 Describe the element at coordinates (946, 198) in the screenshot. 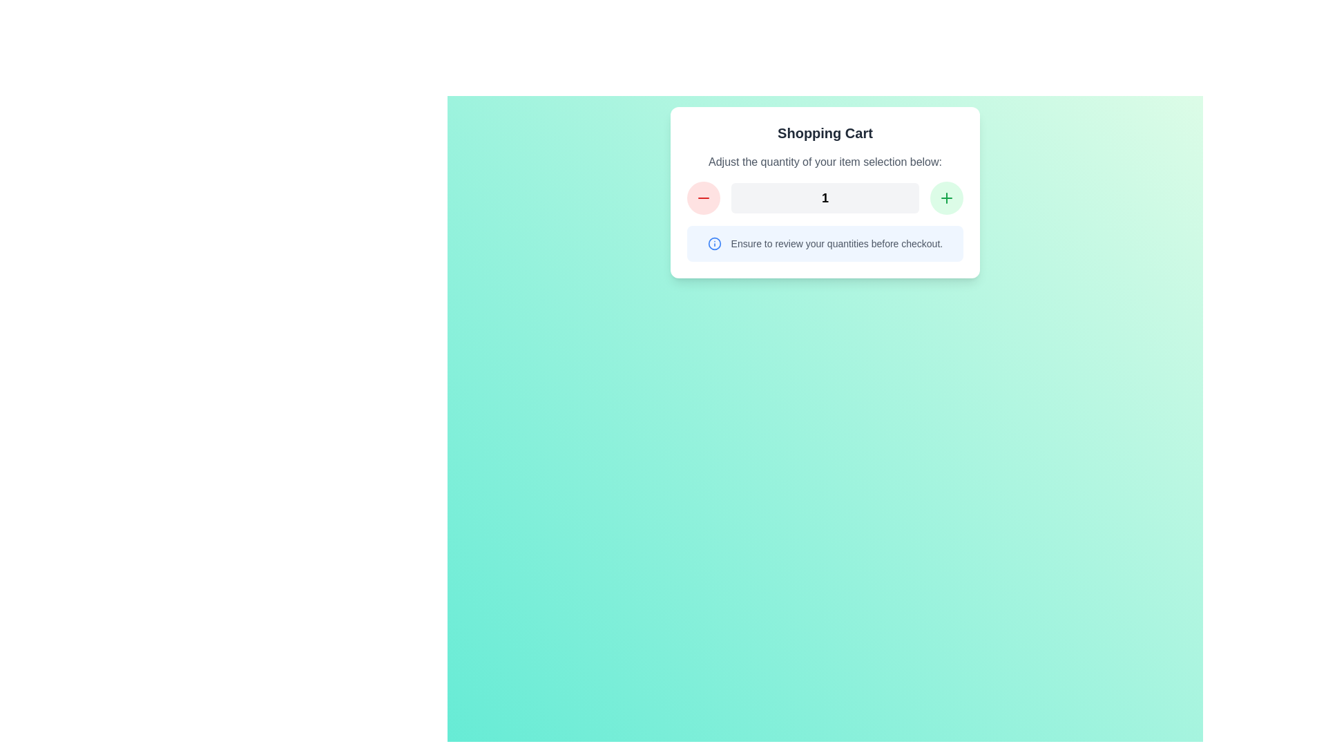

I see `the circular green '+' button located beside the numerical value and to the left of the red '-' button` at that location.